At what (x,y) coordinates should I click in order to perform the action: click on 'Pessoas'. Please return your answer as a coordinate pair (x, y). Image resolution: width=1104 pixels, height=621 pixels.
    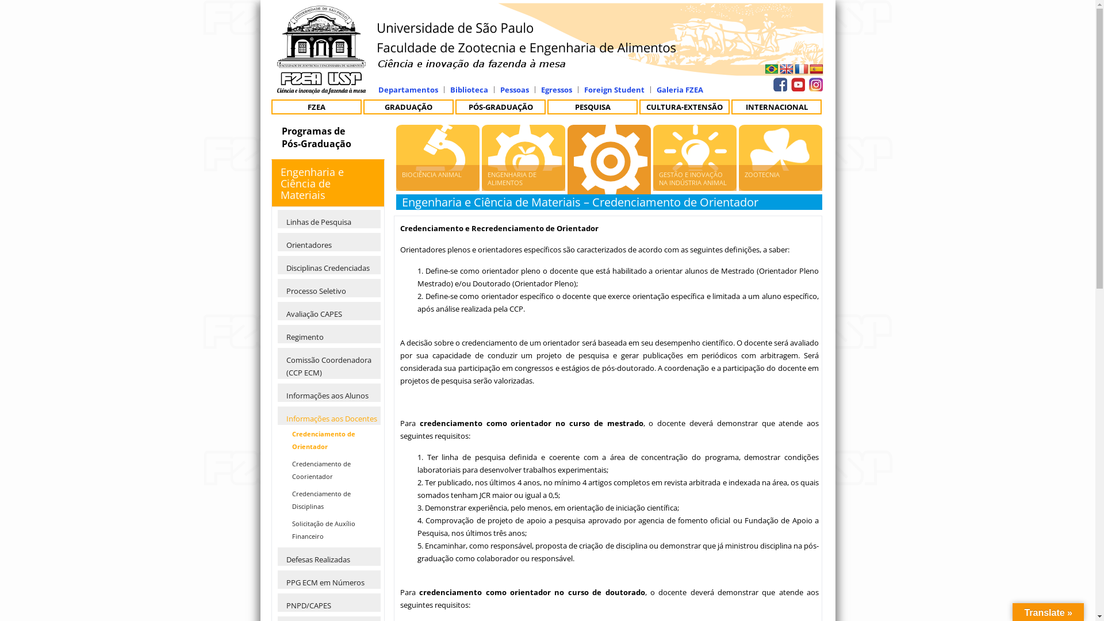
    Looking at the image, I should click on (513, 88).